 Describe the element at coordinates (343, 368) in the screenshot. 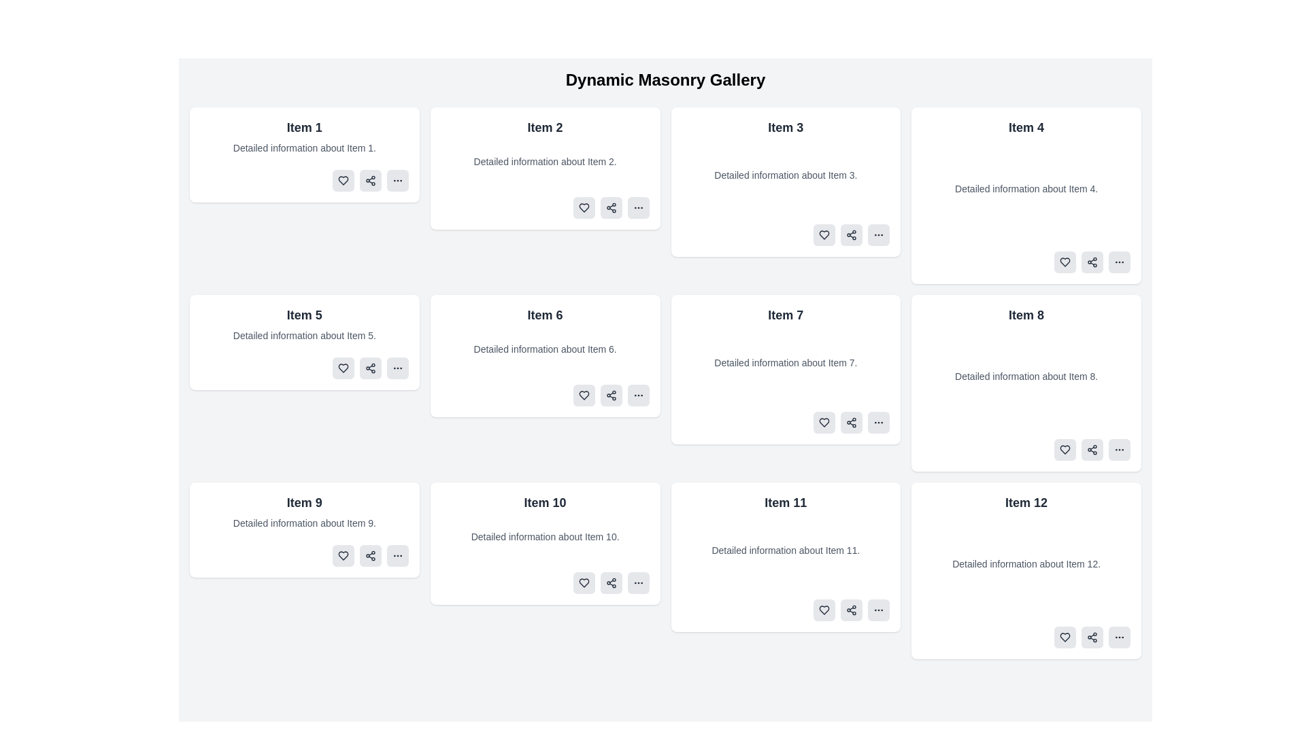

I see `the 'like' button, which is the first button in a horizontal row of three buttons under 'Item 5'` at that location.